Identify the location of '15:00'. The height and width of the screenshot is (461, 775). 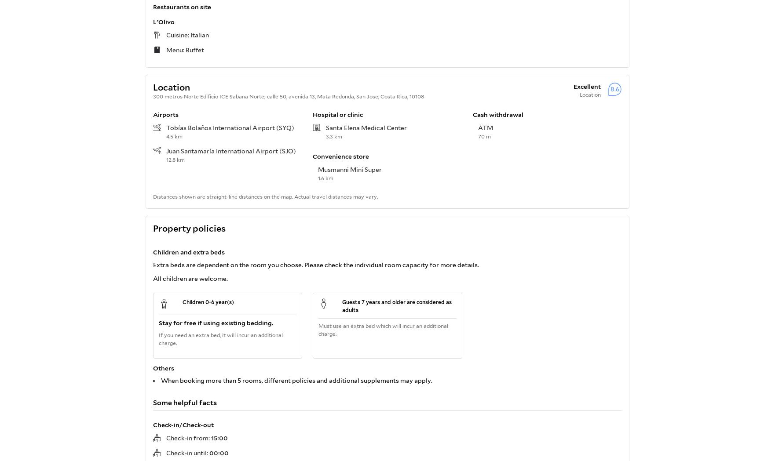
(219, 437).